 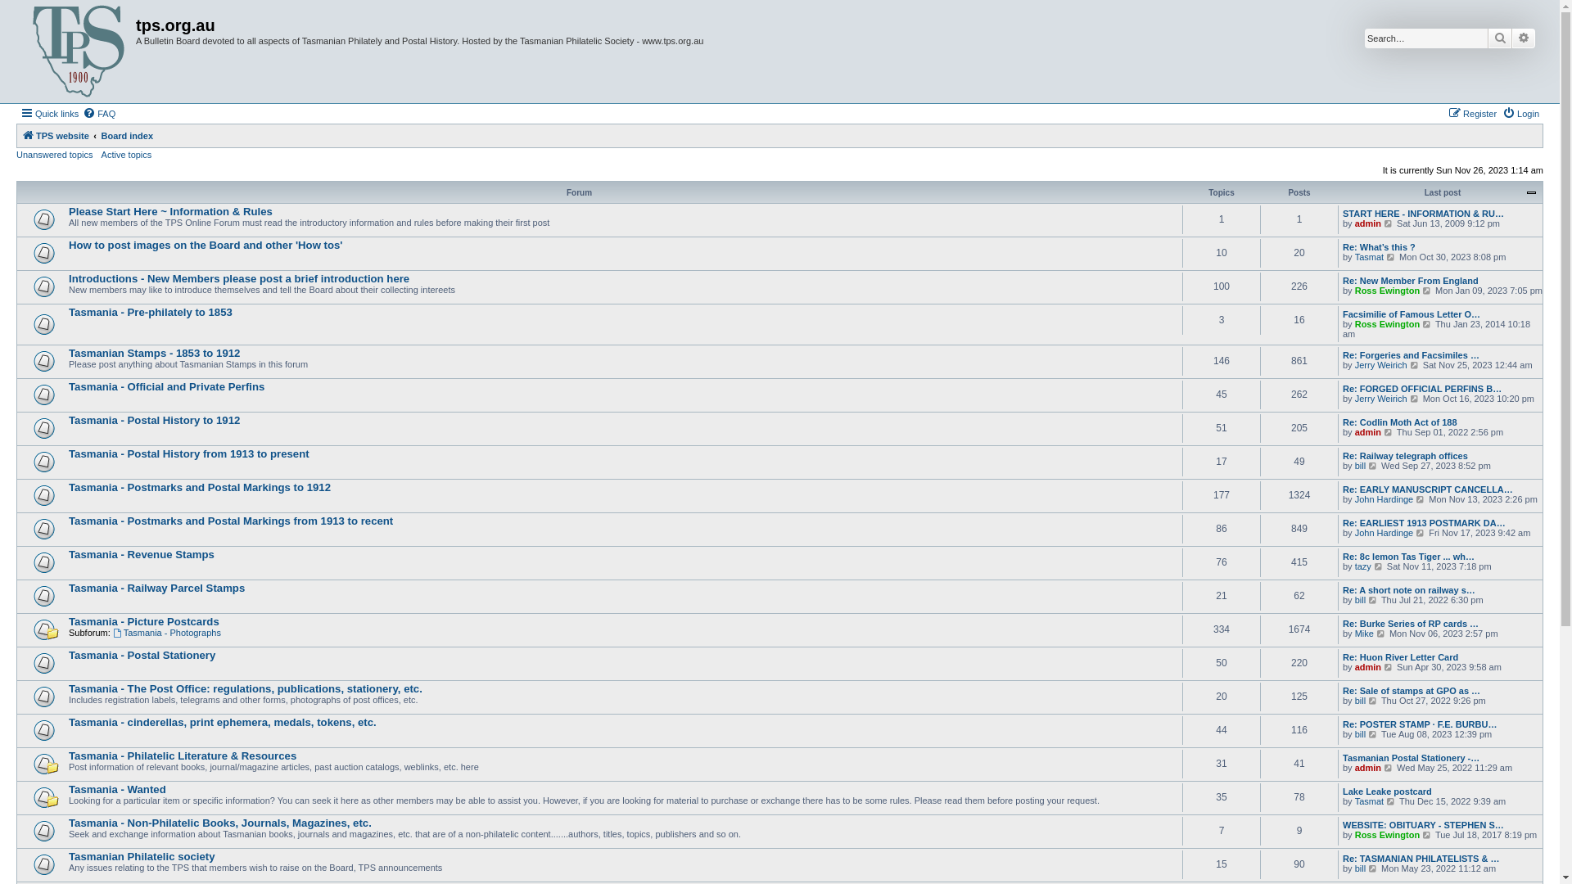 I want to click on 'Tasmania - Photographs', so click(x=166, y=631).